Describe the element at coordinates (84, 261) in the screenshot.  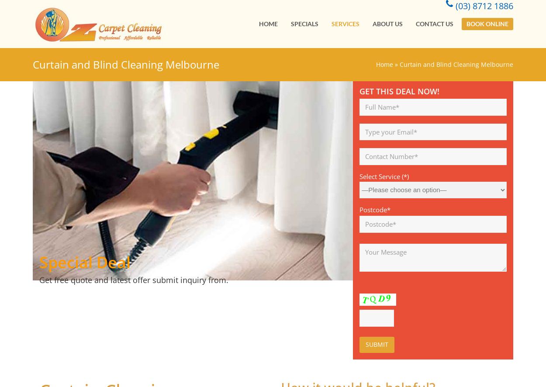
I see `'Special Deal'` at that location.